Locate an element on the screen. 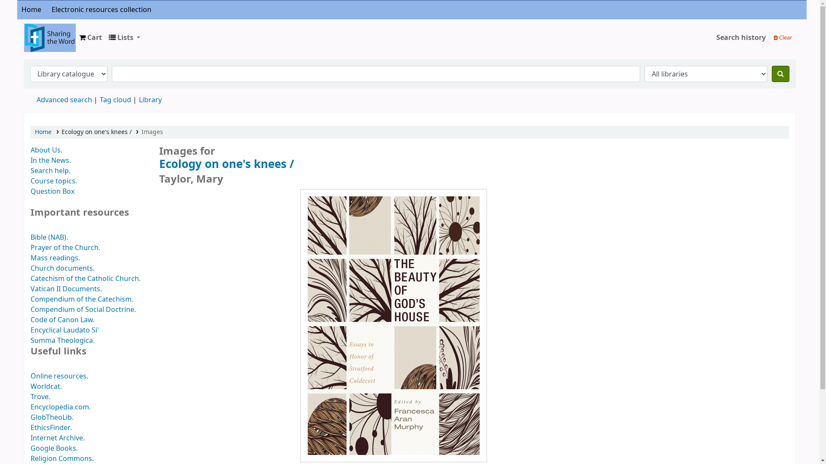  'Tag cloud' is located at coordinates (115, 99).